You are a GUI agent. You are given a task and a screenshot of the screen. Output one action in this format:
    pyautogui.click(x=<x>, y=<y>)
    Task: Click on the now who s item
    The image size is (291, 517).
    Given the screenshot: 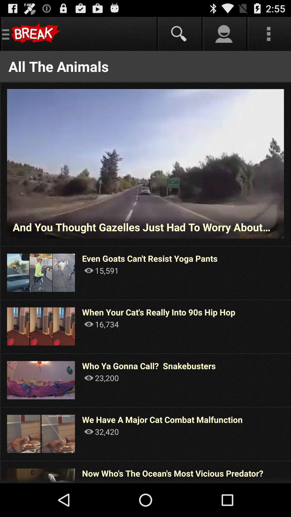 What is the action you would take?
    pyautogui.click(x=172, y=473)
    